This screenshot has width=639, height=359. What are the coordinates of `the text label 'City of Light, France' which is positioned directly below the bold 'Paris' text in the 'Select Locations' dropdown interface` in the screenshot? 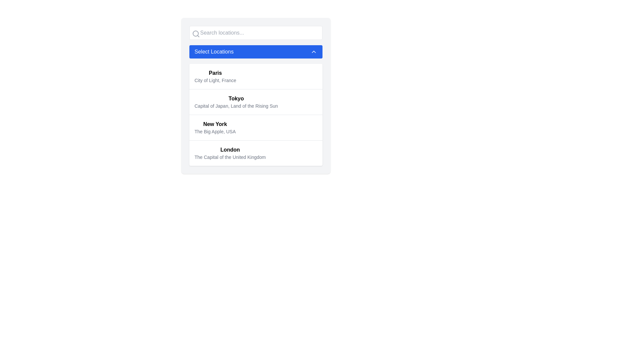 It's located at (215, 80).